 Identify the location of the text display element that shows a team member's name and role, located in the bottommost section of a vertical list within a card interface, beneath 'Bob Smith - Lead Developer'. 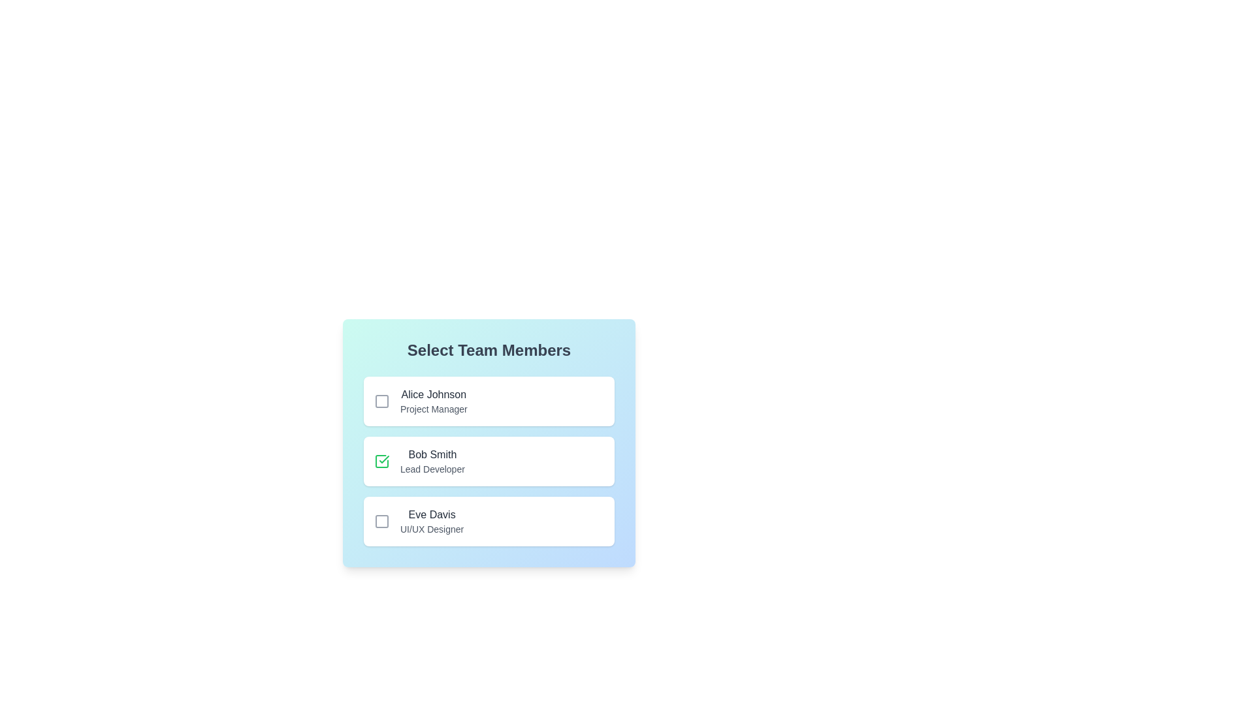
(432, 520).